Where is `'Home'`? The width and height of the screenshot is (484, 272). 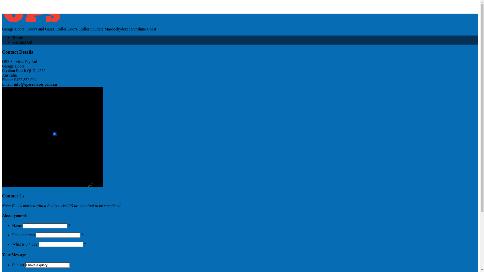 'Home' is located at coordinates (17, 37).